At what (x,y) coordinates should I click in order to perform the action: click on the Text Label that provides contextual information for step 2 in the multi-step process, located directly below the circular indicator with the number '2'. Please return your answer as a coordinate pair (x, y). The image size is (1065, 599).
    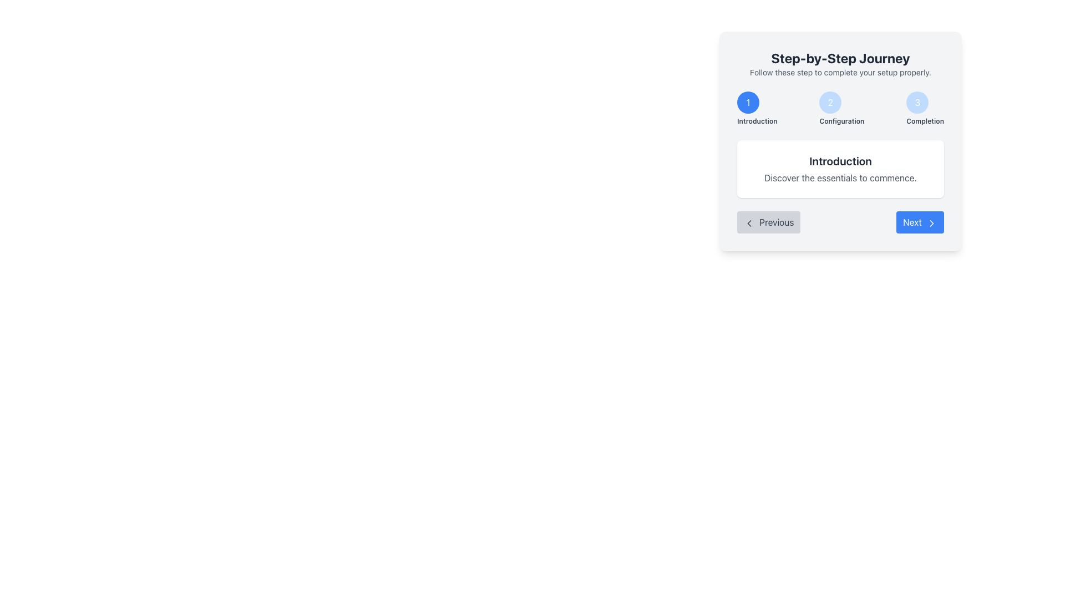
    Looking at the image, I should click on (841, 121).